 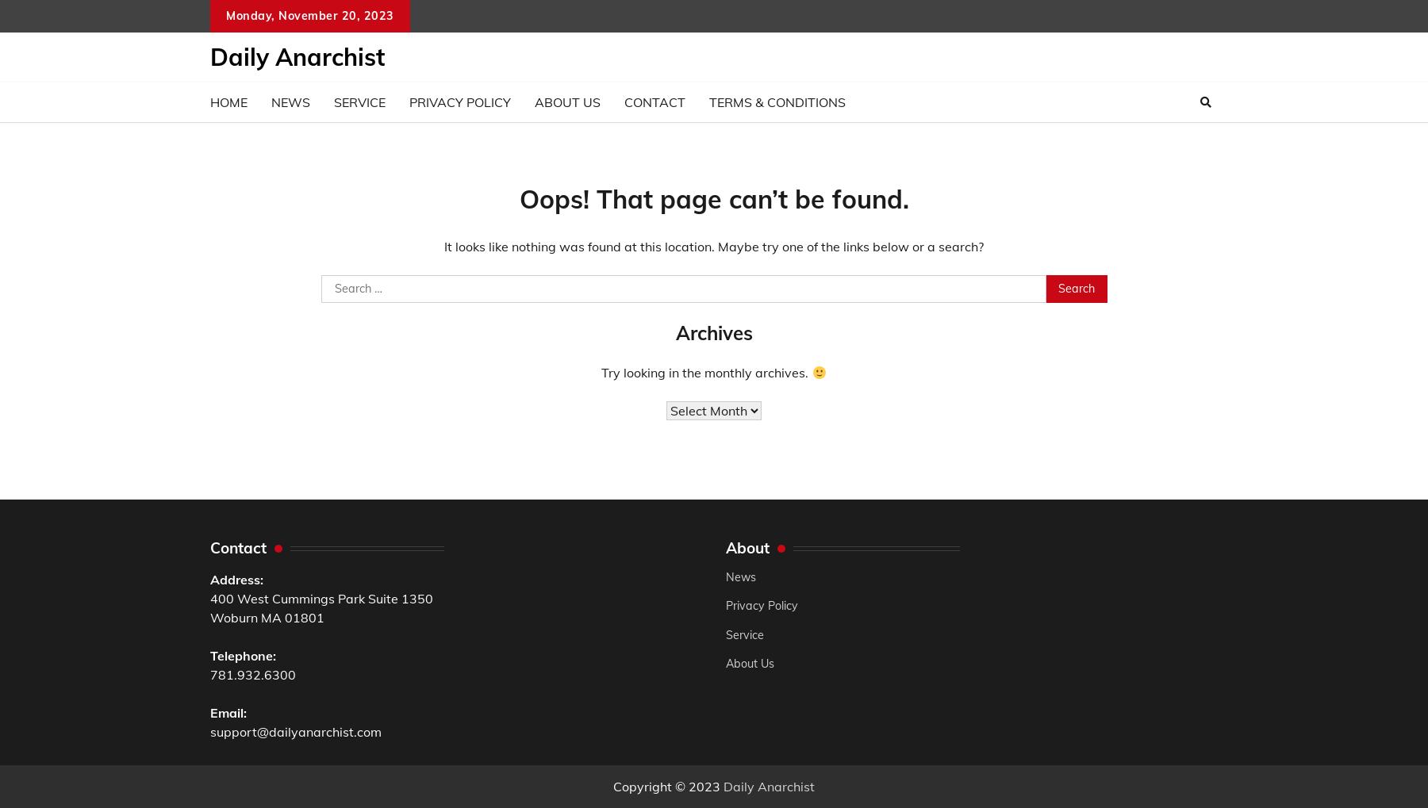 What do you see at coordinates (209, 712) in the screenshot?
I see `'Email:'` at bounding box center [209, 712].